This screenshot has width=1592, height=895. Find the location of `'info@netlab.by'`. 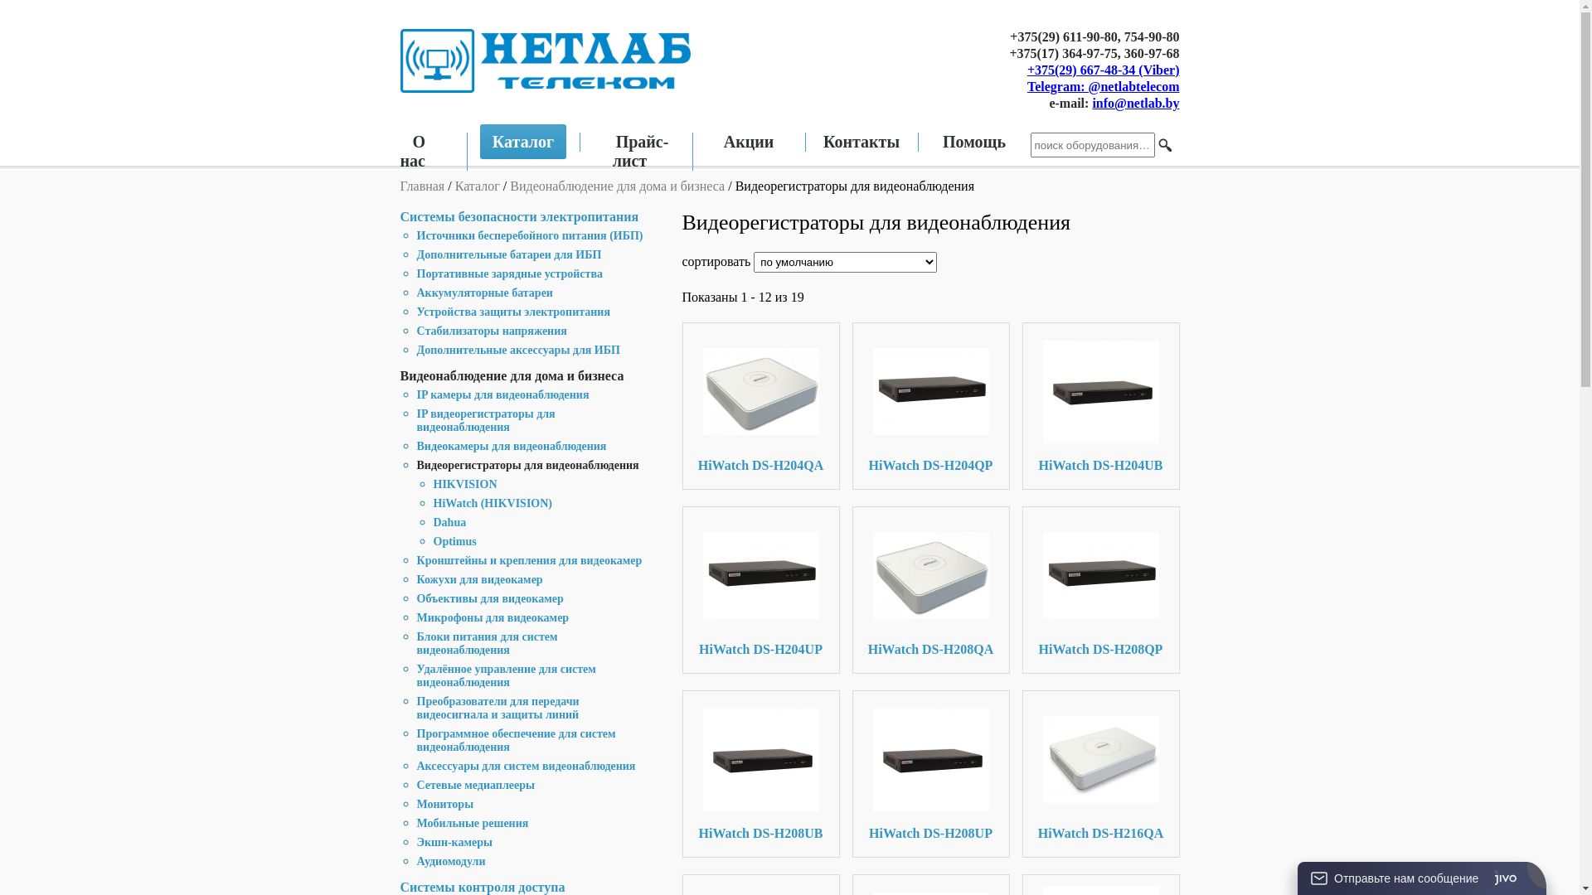

'info@netlab.by' is located at coordinates (1134, 103).